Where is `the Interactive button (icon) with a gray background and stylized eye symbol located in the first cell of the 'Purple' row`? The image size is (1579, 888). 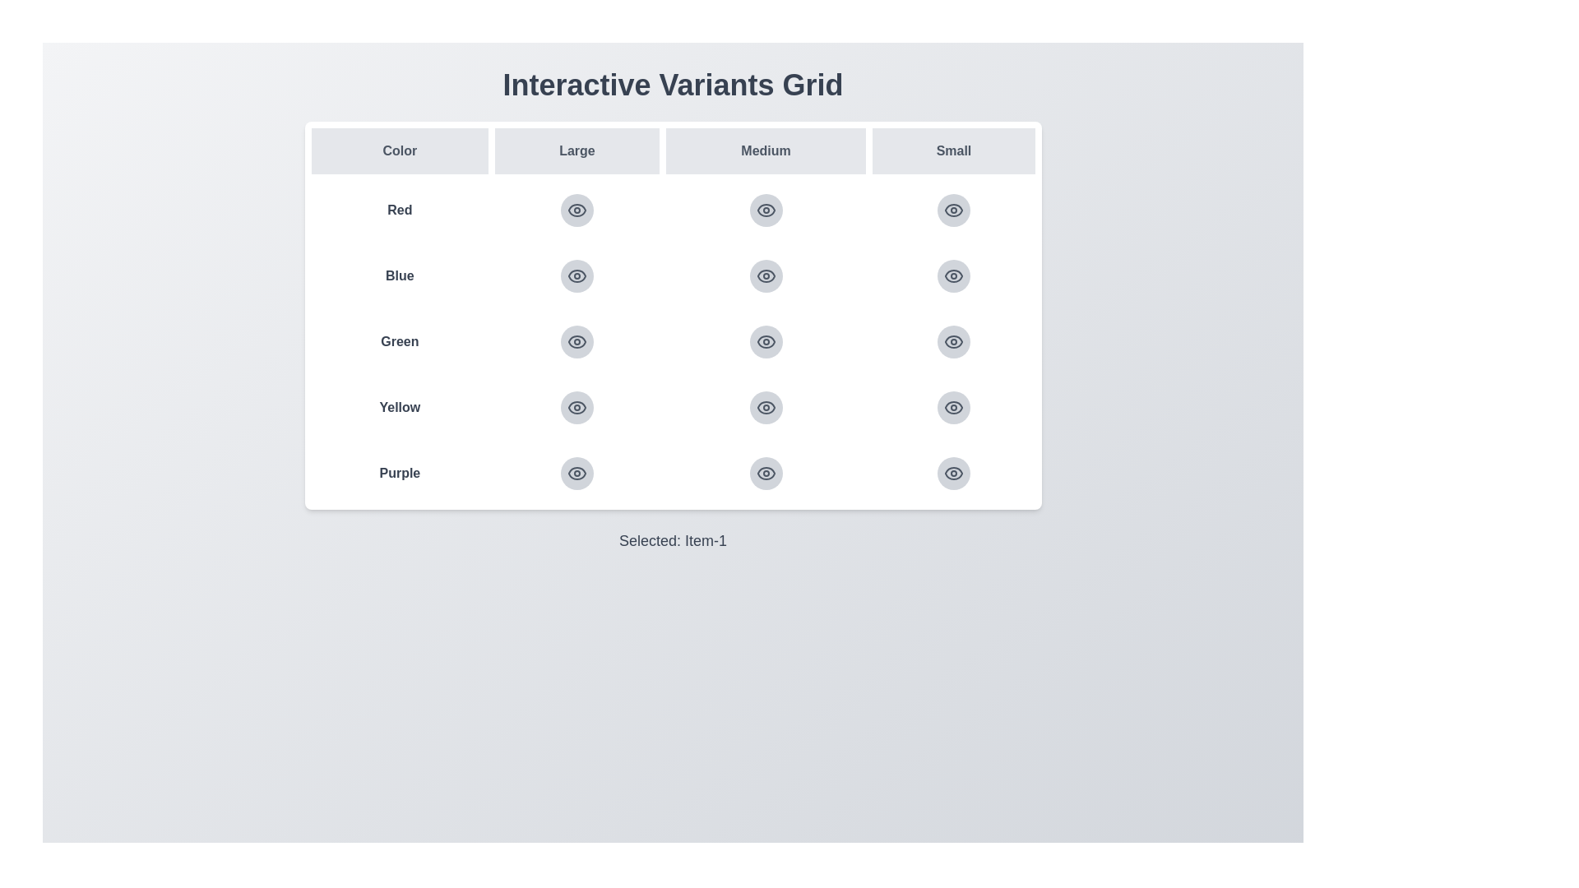
the Interactive button (icon) with a gray background and stylized eye symbol located in the first cell of the 'Purple' row is located at coordinates (576, 473).